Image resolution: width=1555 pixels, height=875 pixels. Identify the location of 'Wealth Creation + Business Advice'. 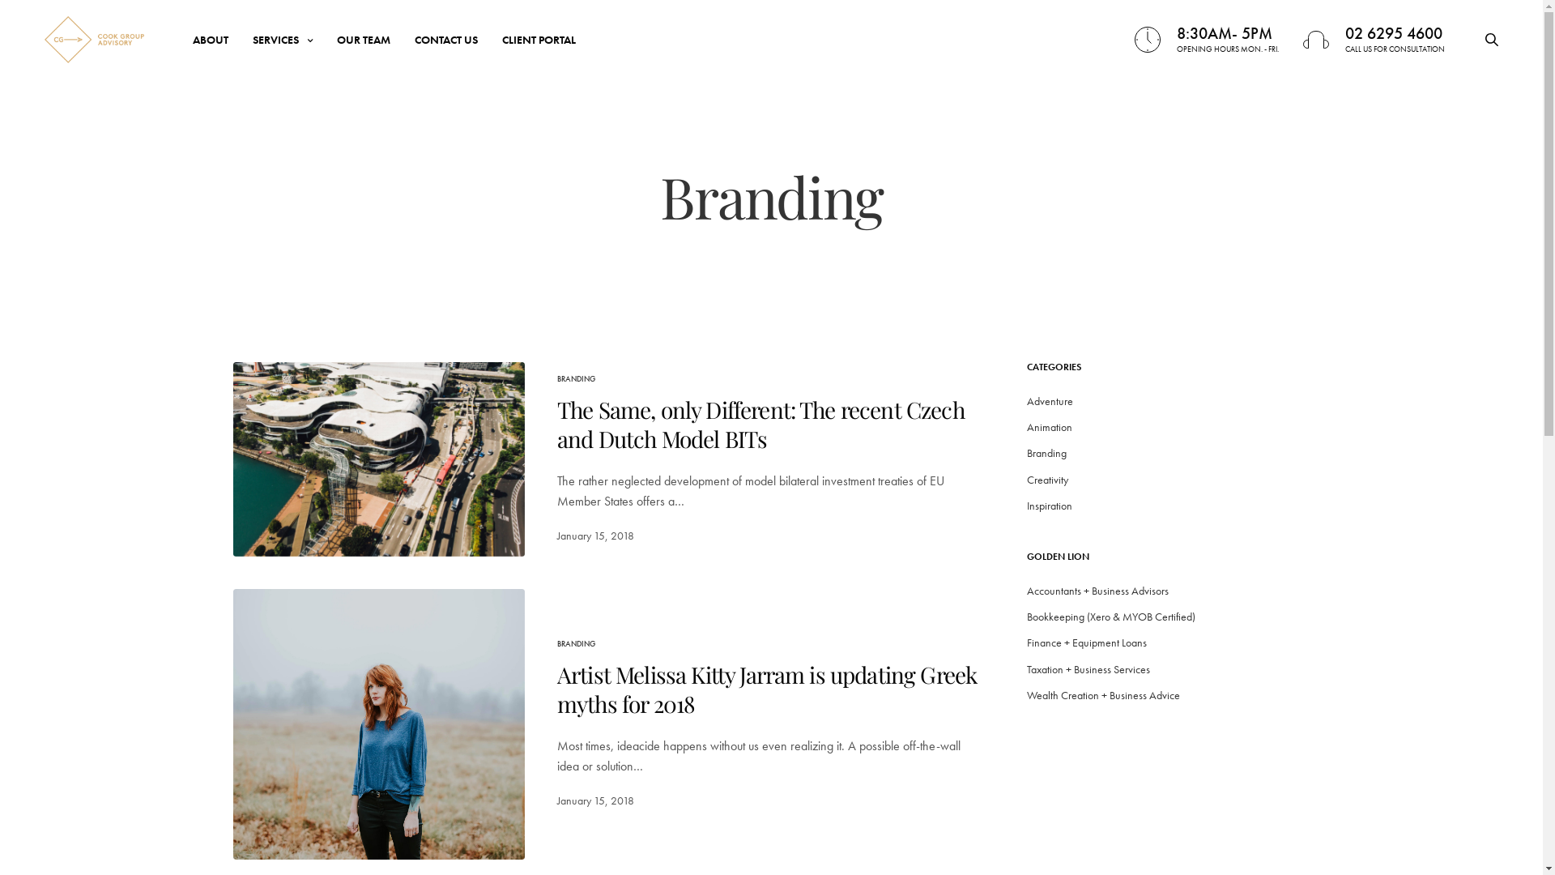
(1102, 694).